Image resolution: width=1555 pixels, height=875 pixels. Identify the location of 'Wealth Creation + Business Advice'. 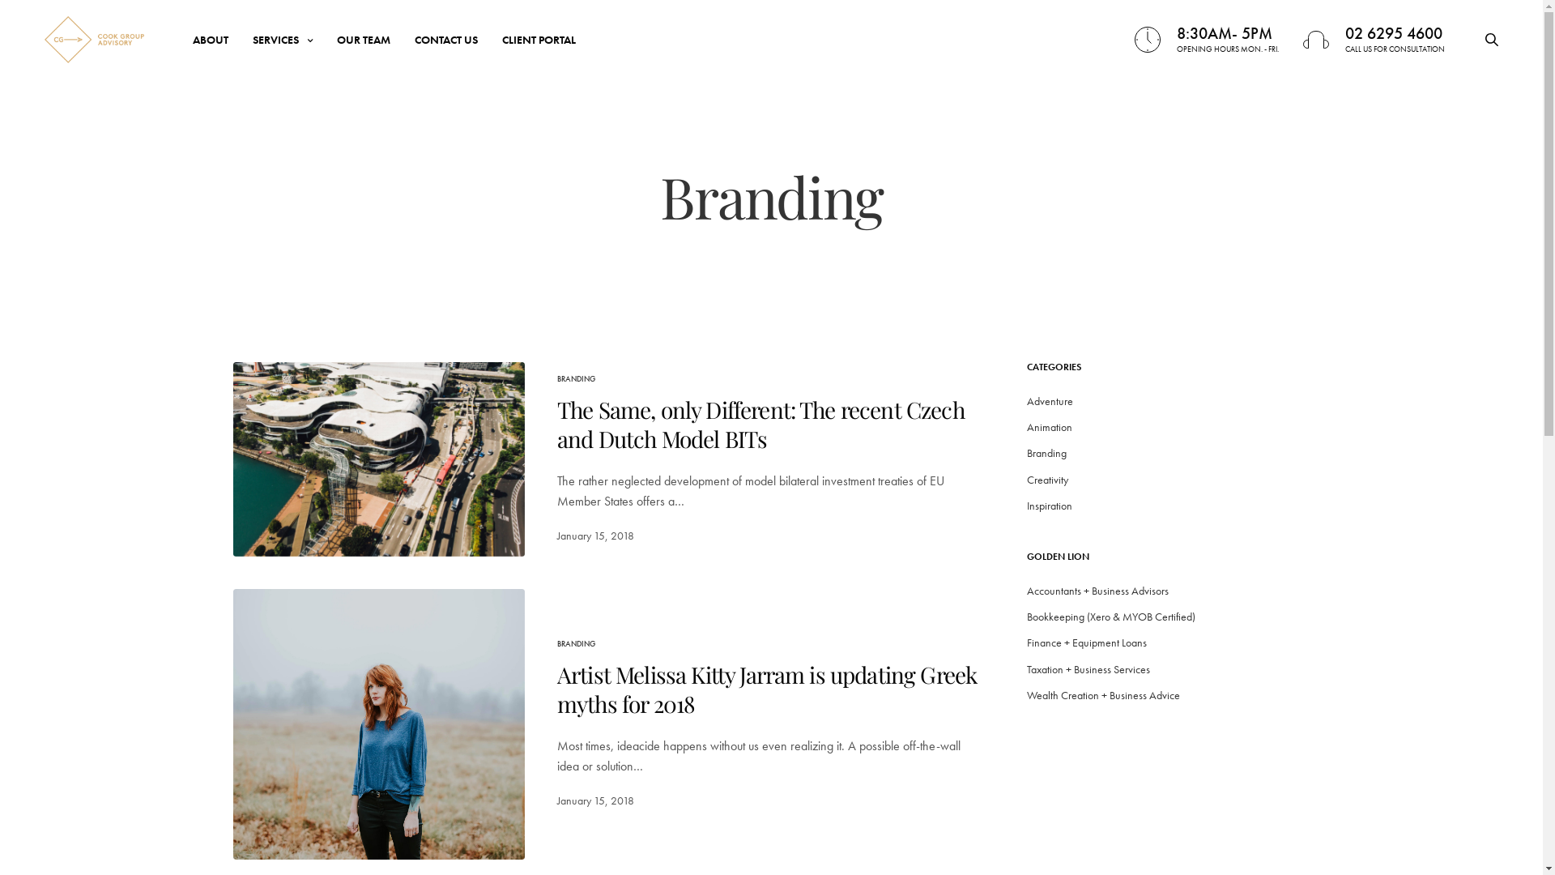
(1102, 694).